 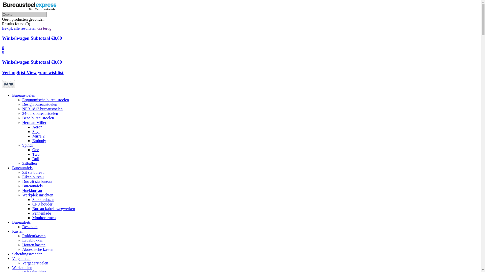 I want to click on 'Bull', so click(x=32, y=159).